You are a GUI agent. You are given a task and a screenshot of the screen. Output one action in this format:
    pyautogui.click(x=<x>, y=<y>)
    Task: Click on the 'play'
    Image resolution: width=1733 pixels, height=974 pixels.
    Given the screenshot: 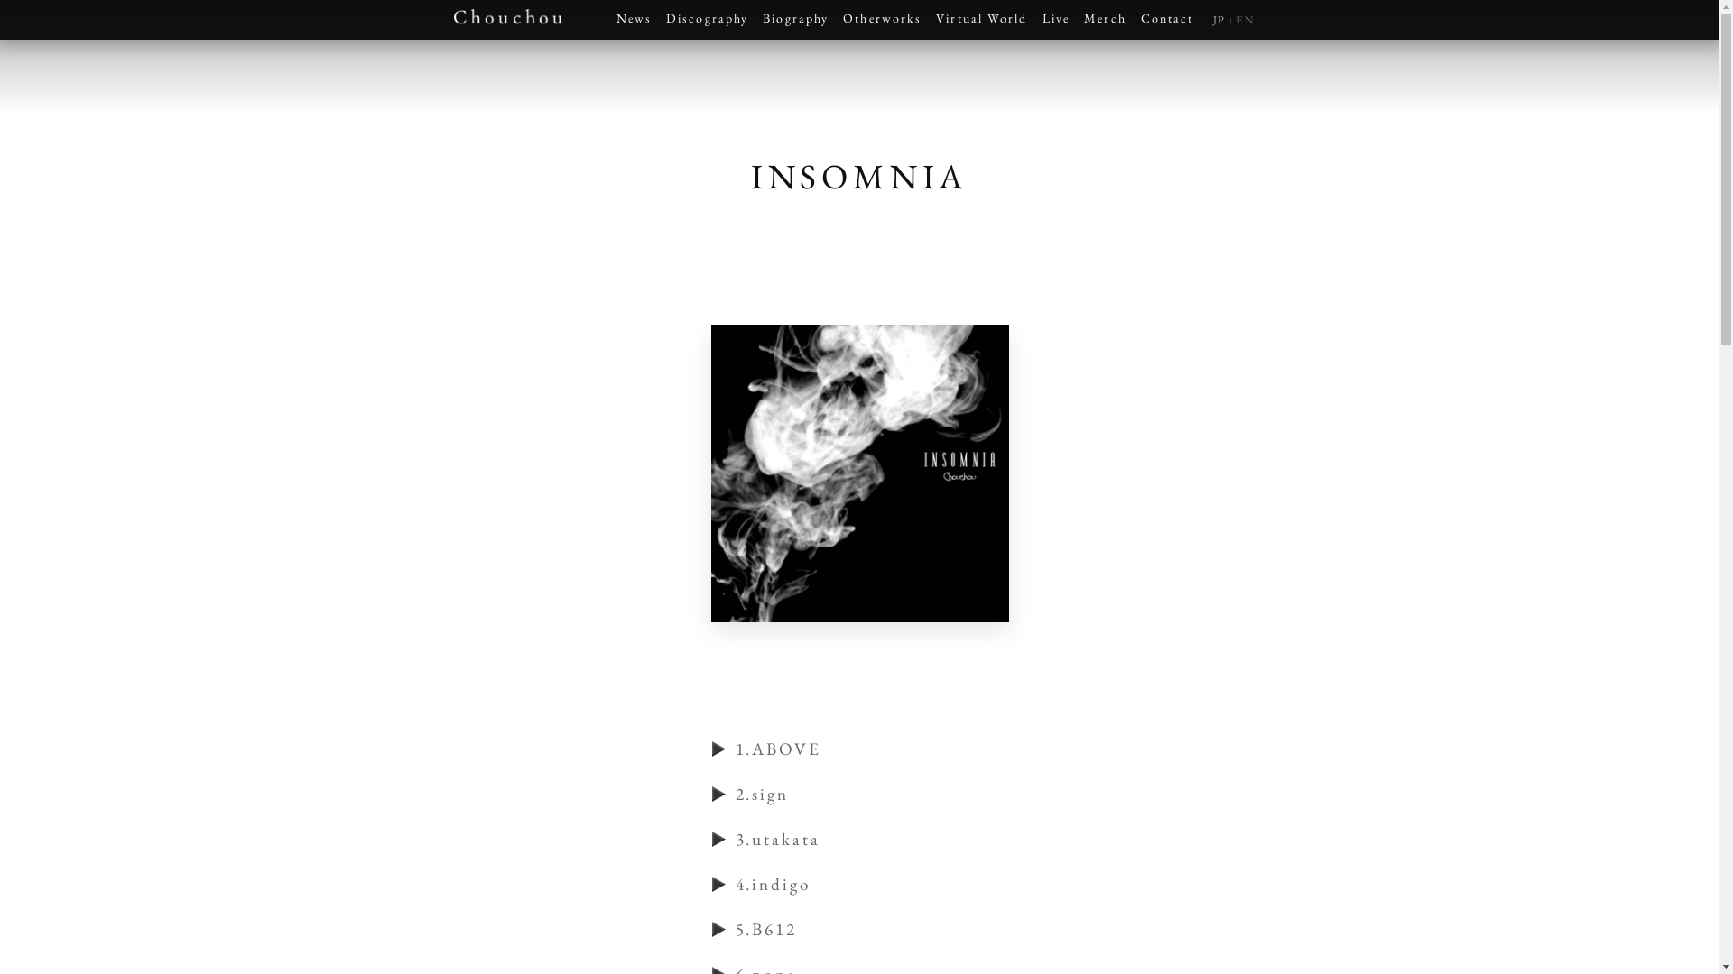 What is the action you would take?
    pyautogui.click(x=718, y=839)
    